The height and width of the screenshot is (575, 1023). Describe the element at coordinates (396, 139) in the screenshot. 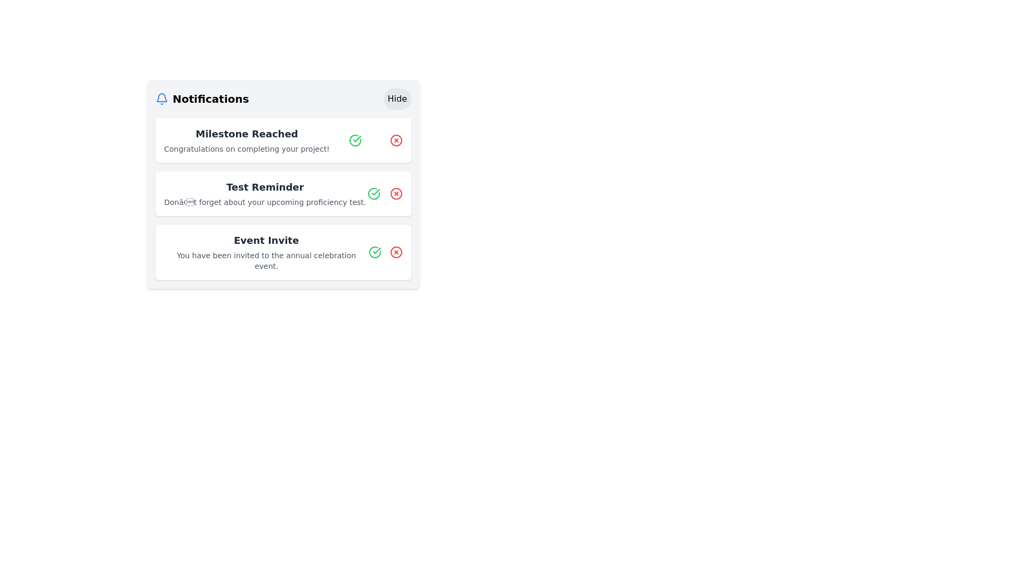

I see `the close icon button located in the top-right corner of the 'Milestone Reached' notification` at that location.